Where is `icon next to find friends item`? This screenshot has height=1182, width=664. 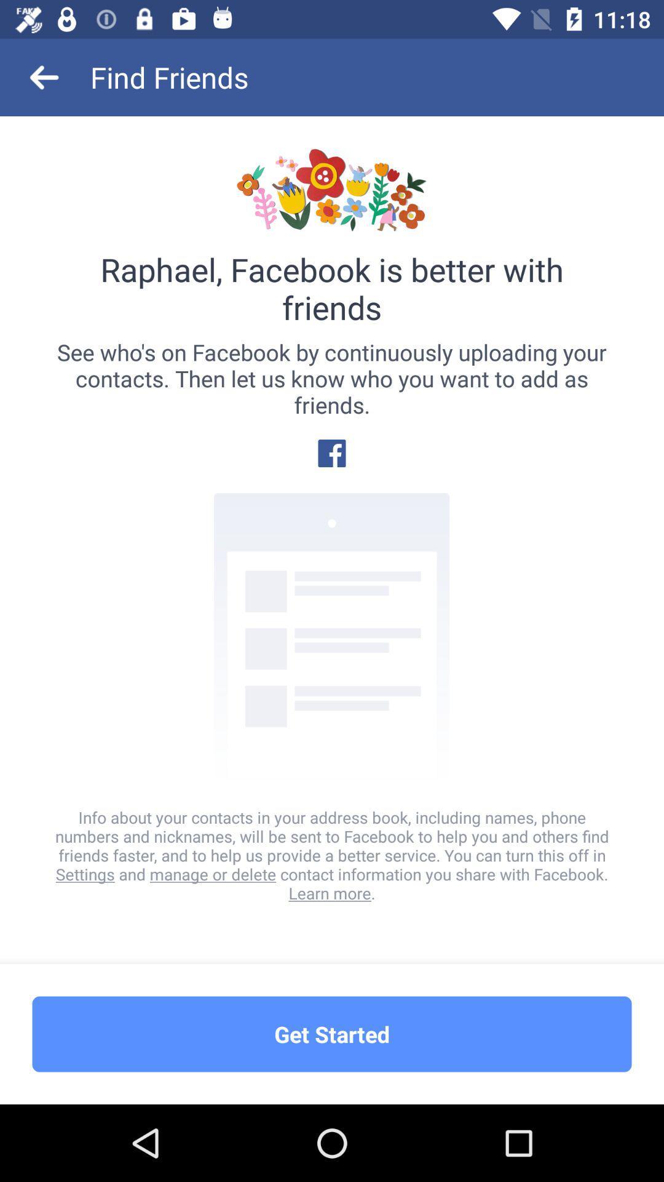
icon next to find friends item is located at coordinates (44, 76).